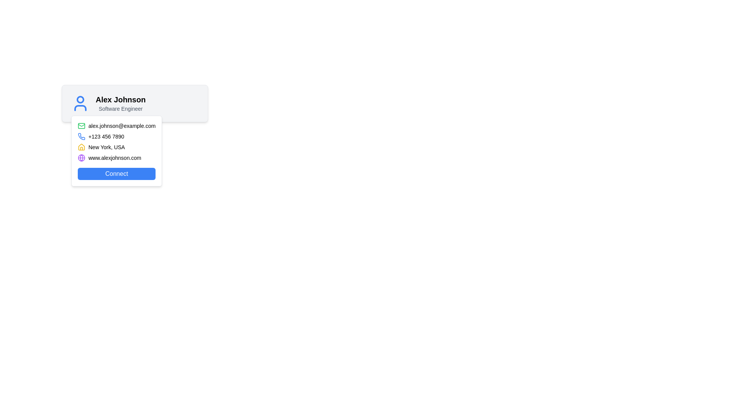  Describe the element at coordinates (116, 151) in the screenshot. I see `the static text element that provides location information, which is the third item in the list within a pop-up card below the 'Software Engineer' header` at that location.